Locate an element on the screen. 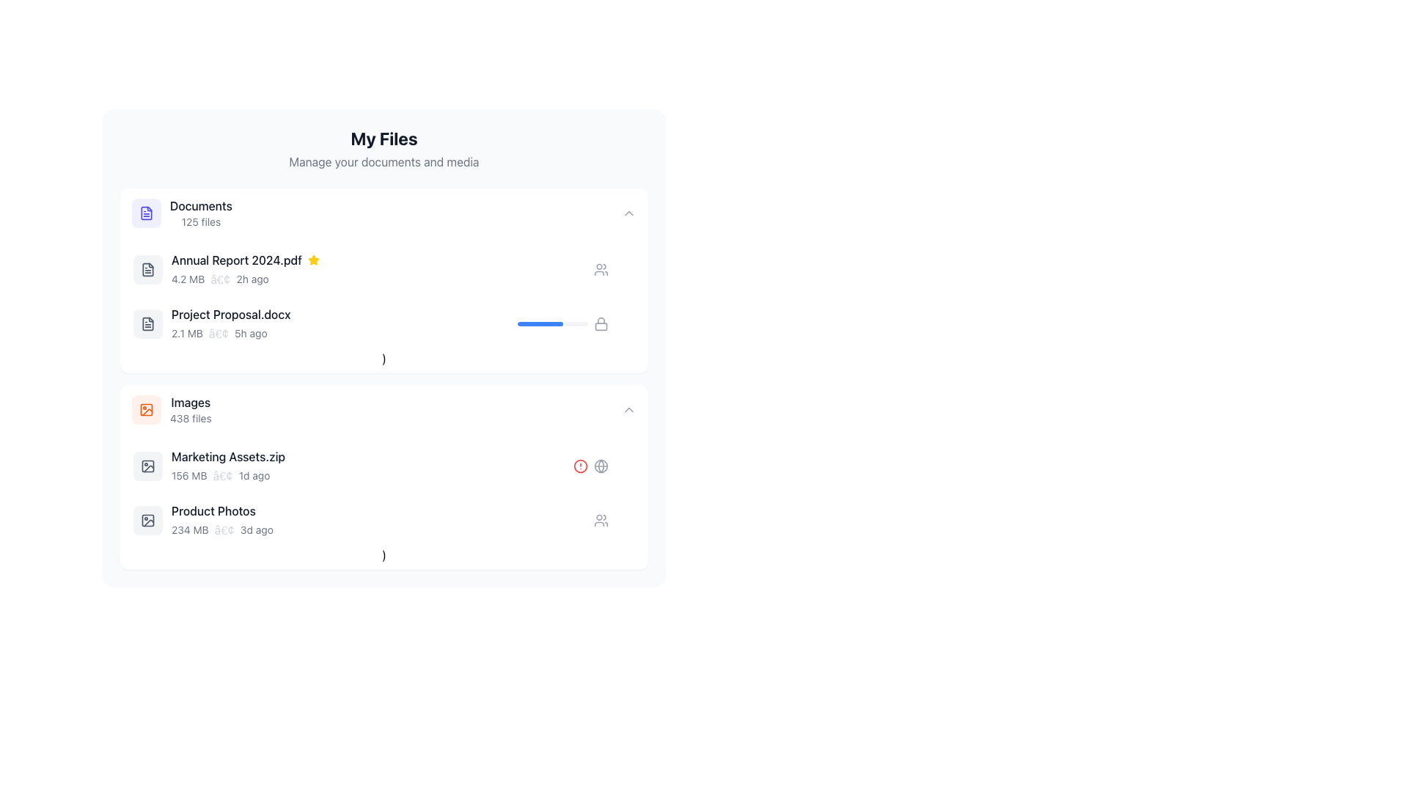 The height and width of the screenshot is (792, 1408). the file metadata associated with the 'Annual Report 2024.pdf' entry is located at coordinates (383, 279).